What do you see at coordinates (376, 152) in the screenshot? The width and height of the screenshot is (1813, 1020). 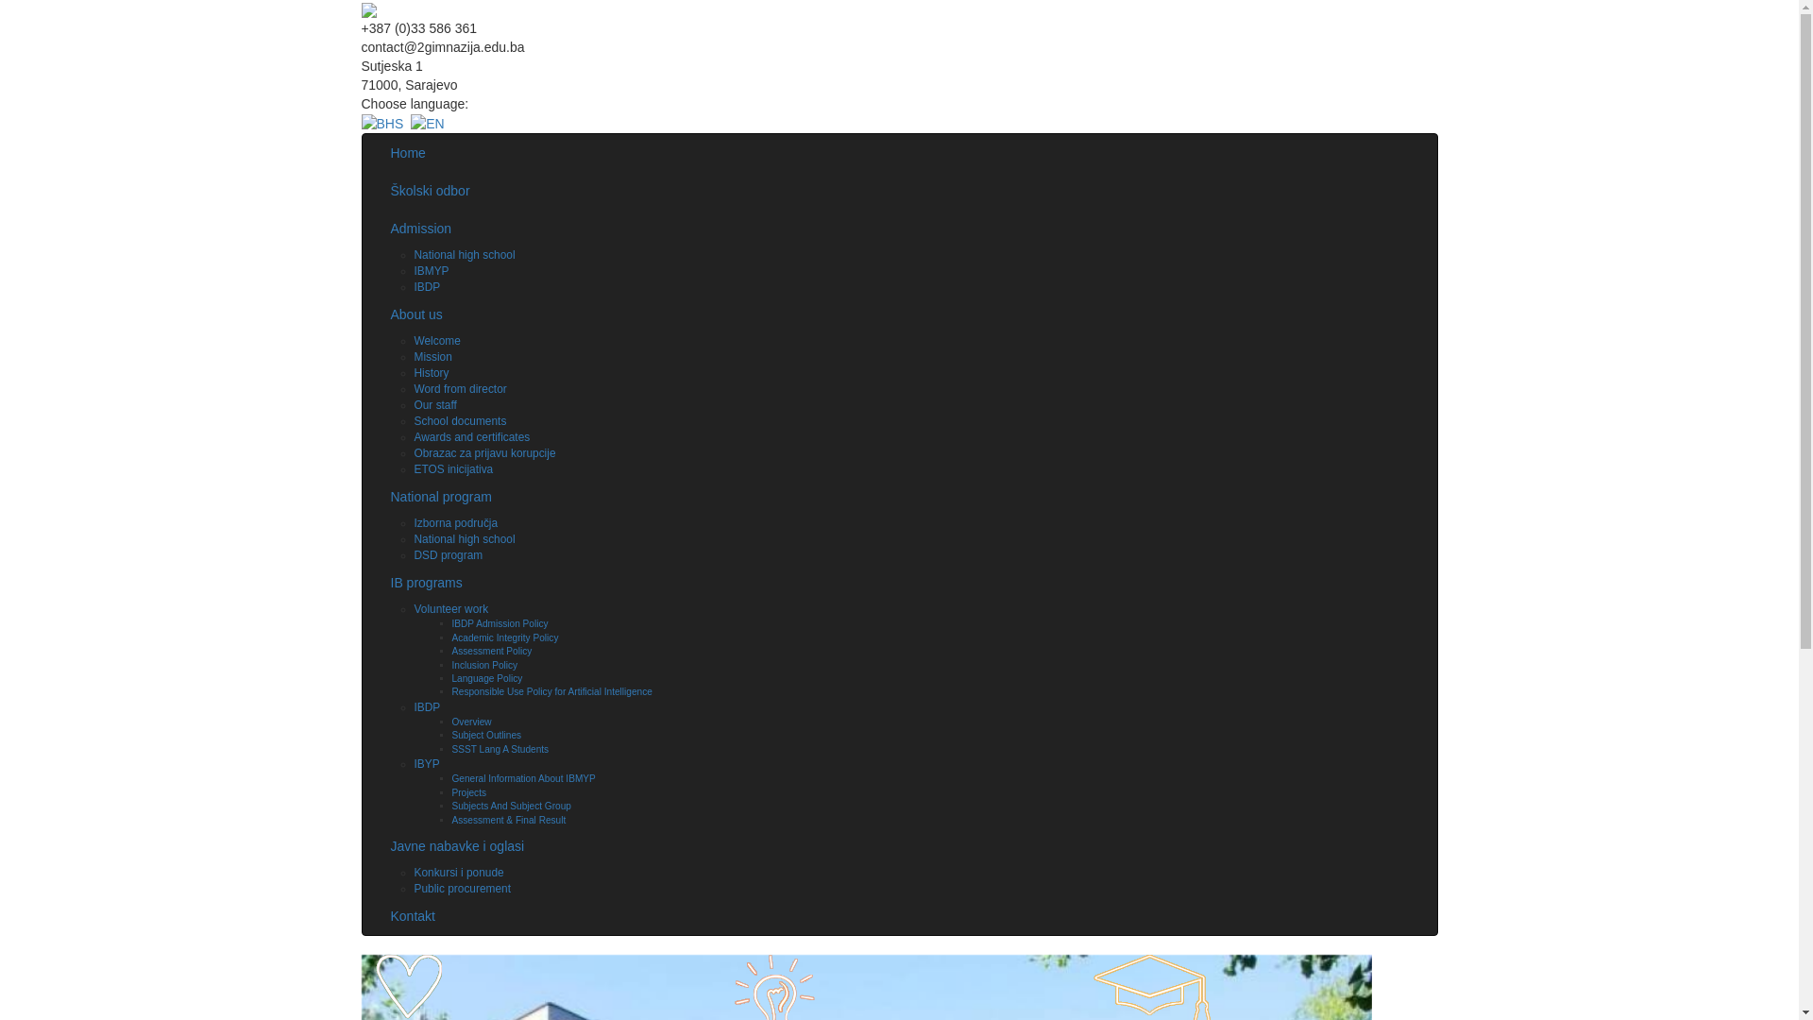 I see `'Home'` at bounding box center [376, 152].